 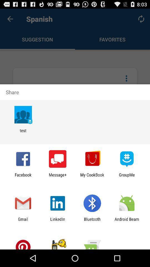 I want to click on gmail, so click(x=23, y=221).